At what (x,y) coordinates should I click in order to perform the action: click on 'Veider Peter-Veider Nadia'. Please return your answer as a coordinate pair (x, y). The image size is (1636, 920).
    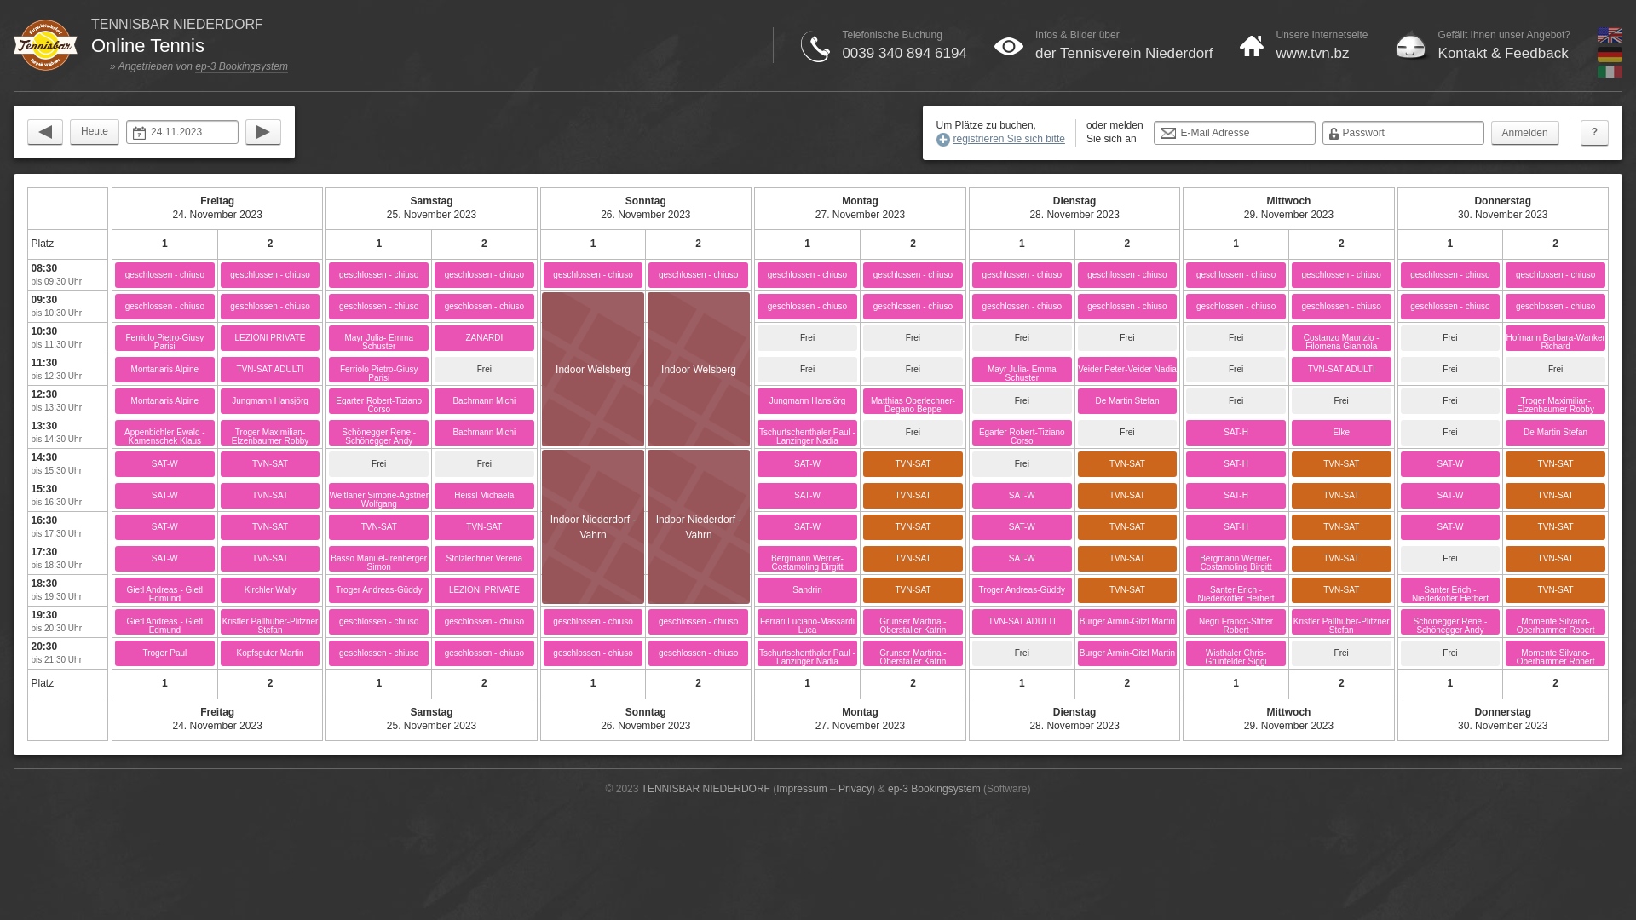
    Looking at the image, I should click on (1127, 369).